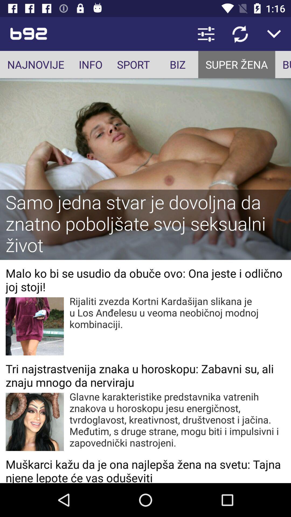 The image size is (291, 517). Describe the element at coordinates (145, 375) in the screenshot. I see `the tri najstrastvenija znaka item` at that location.